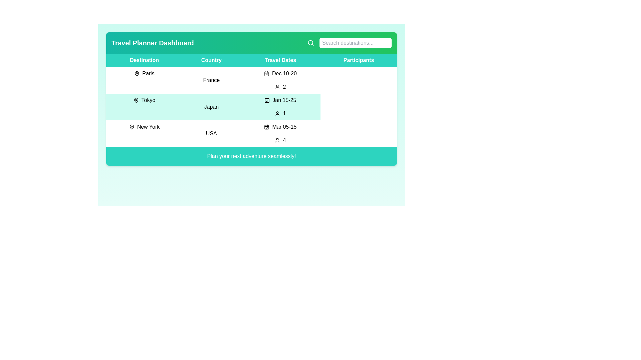  Describe the element at coordinates (266, 127) in the screenshot. I see `the main body rectangle of the calendar icon, which is a rounded rectangle styled in a monochromatic color scheme, located near the center of the icon and to the left of the 'Travel Dates' column in the table` at that location.